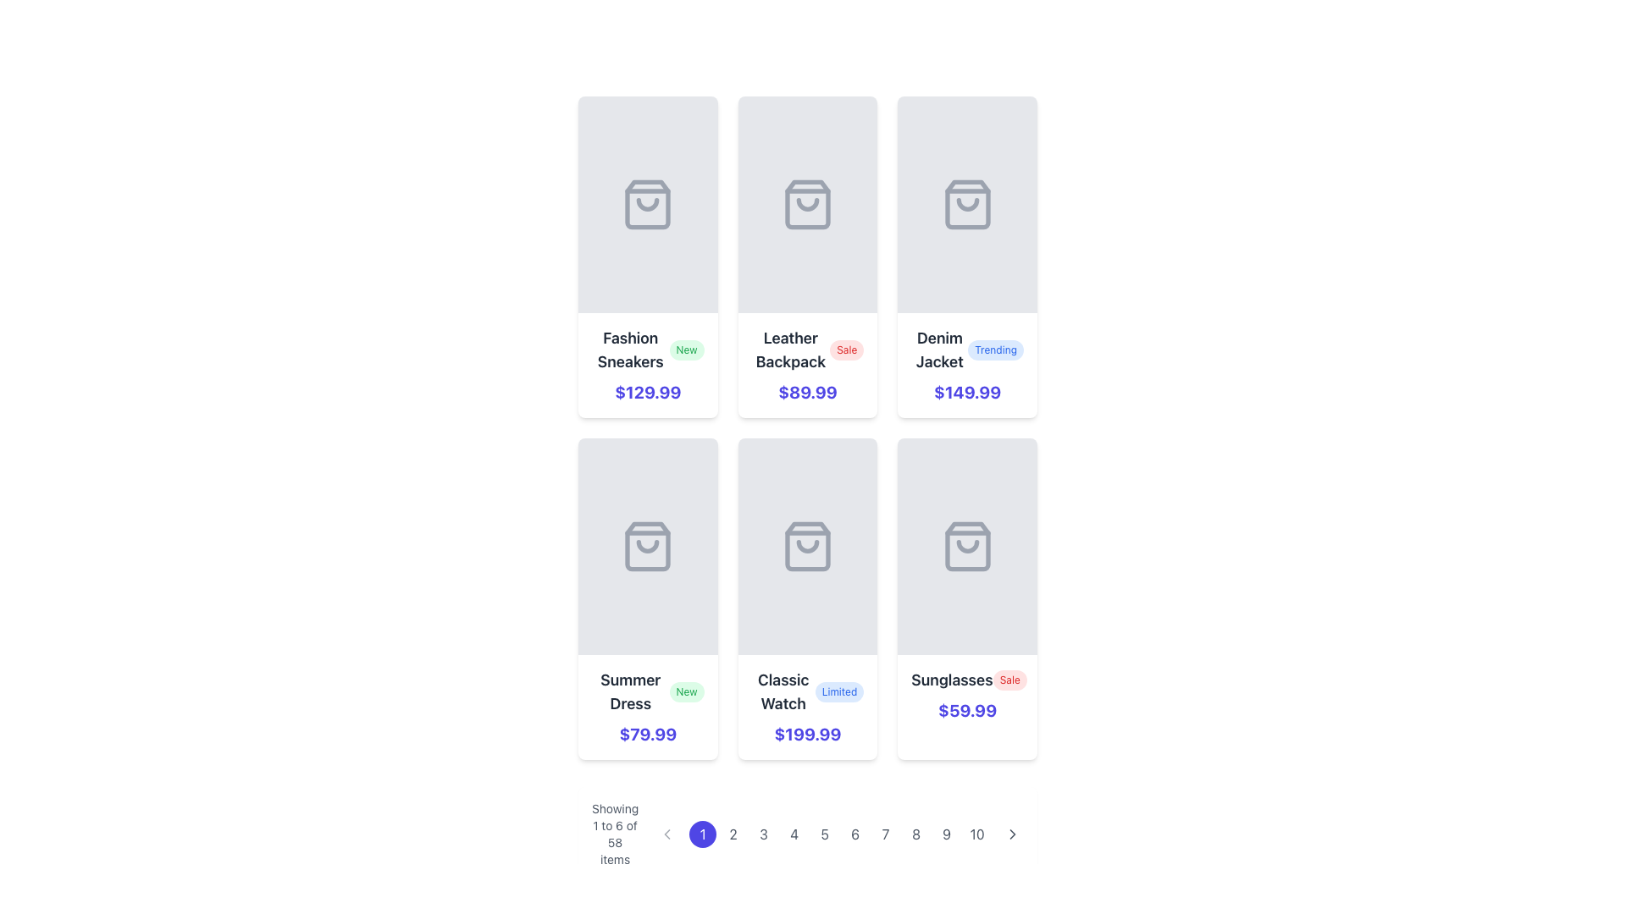 The height and width of the screenshot is (914, 1626). I want to click on the circular button icon located in the bottom section of the interface, so click(666, 834).